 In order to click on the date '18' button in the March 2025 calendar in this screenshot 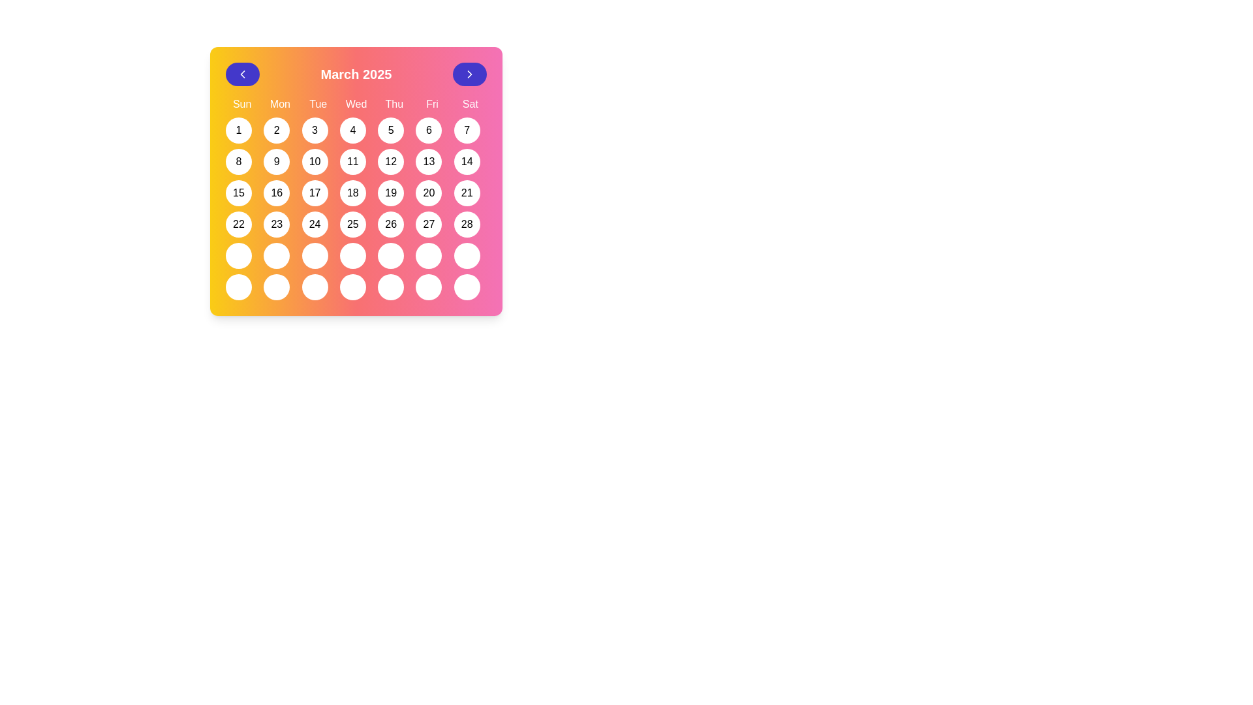, I will do `click(356, 198)`.